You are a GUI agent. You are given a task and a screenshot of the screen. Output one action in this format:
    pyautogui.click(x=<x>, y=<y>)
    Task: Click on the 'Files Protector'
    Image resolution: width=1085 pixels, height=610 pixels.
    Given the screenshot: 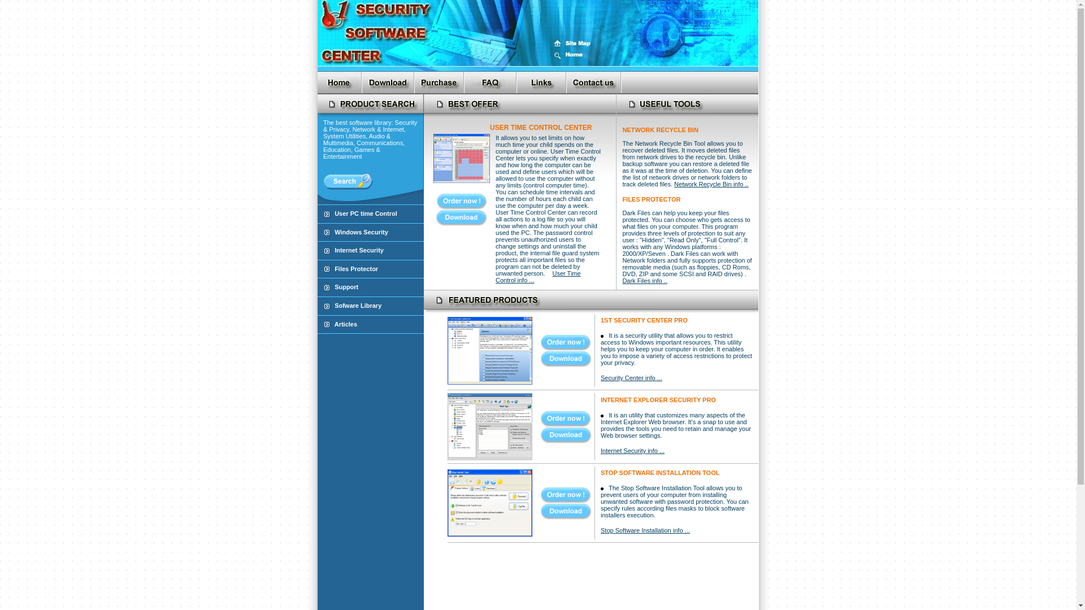 What is the action you would take?
    pyautogui.click(x=355, y=268)
    